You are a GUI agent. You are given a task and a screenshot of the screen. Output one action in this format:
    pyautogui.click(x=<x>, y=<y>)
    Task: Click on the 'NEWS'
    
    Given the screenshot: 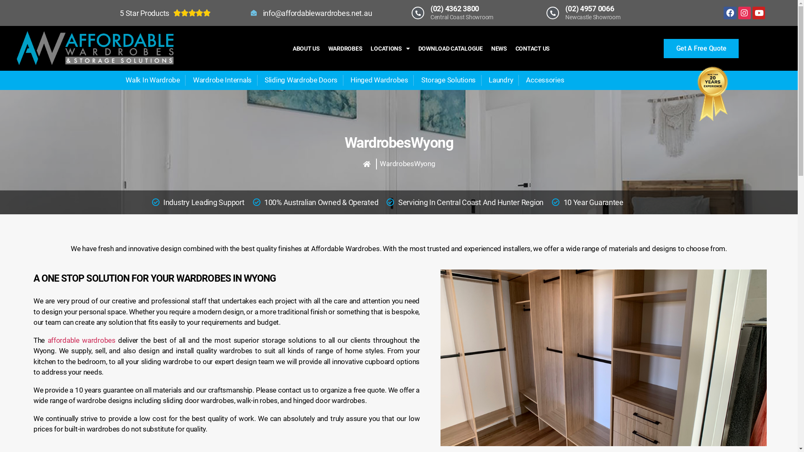 What is the action you would take?
    pyautogui.click(x=499, y=48)
    